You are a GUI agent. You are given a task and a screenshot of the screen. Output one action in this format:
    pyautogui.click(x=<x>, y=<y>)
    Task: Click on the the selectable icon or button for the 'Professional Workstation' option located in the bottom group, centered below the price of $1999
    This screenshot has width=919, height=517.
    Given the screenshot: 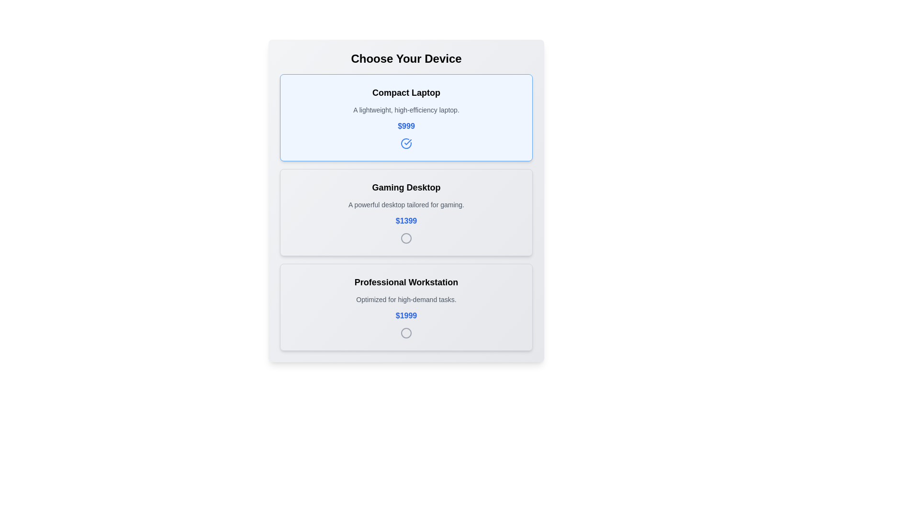 What is the action you would take?
    pyautogui.click(x=406, y=332)
    